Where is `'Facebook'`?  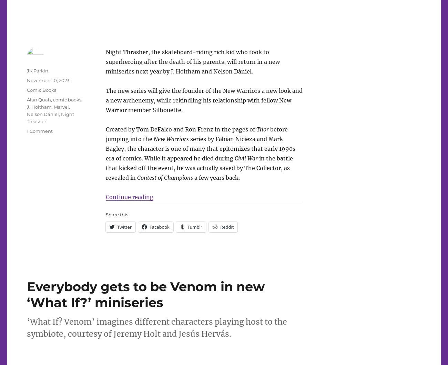 'Facebook' is located at coordinates (159, 226).